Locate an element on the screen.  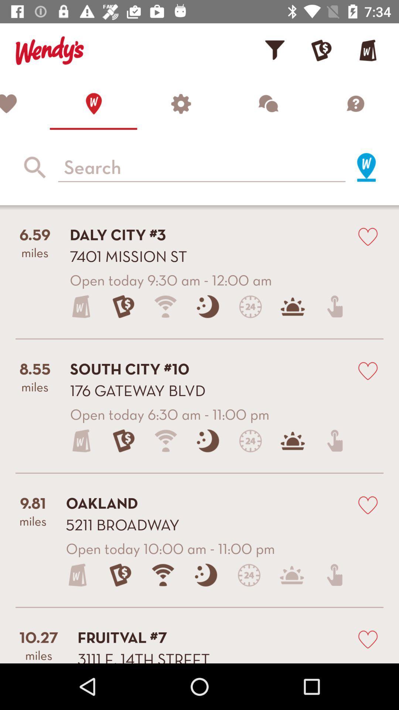
click tools is located at coordinates (181, 103).